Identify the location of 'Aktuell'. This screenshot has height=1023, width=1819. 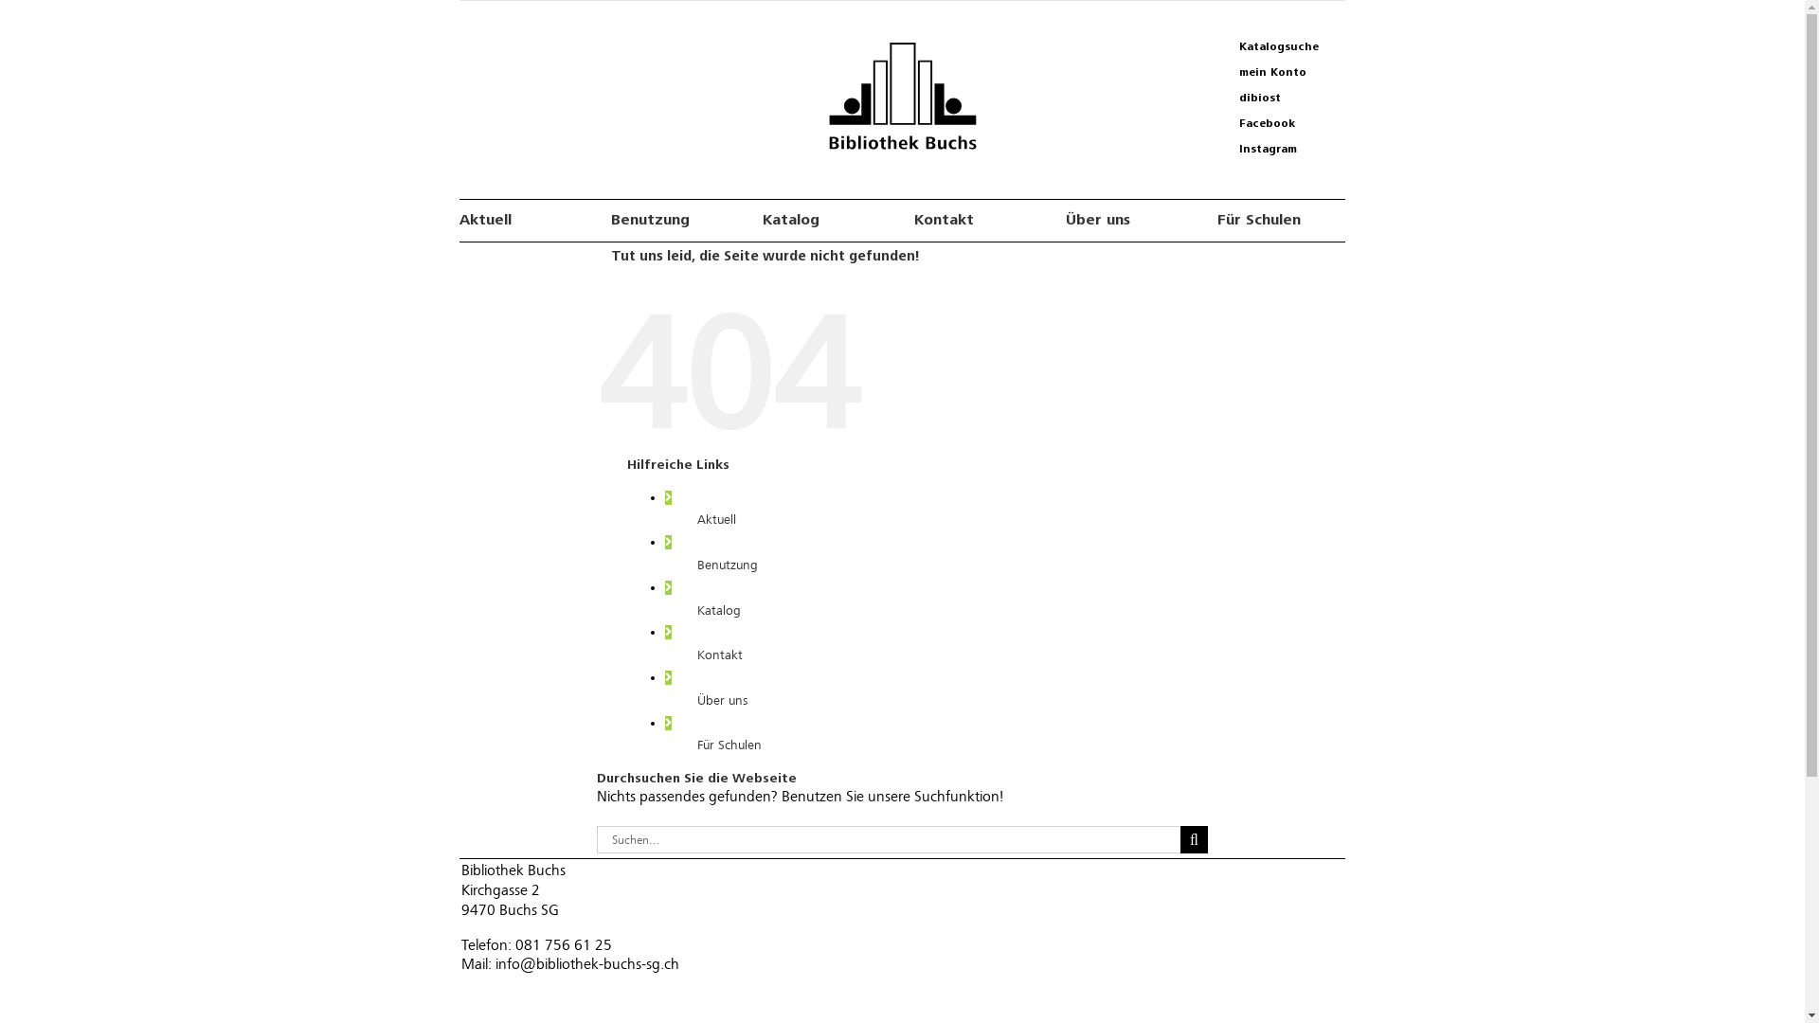
(523, 219).